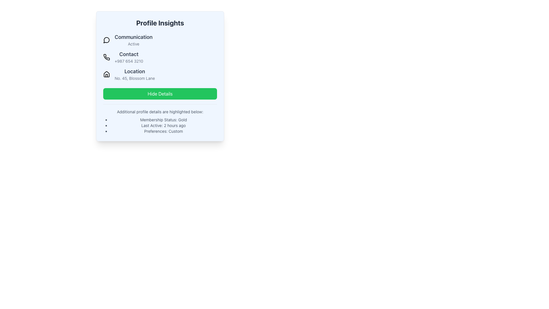 The width and height of the screenshot is (549, 309). I want to click on the Text display element that shows location information in the 'Profile Insights' card, positioned below the 'Contact' section and above the 'Hide Details' button, so click(134, 74).